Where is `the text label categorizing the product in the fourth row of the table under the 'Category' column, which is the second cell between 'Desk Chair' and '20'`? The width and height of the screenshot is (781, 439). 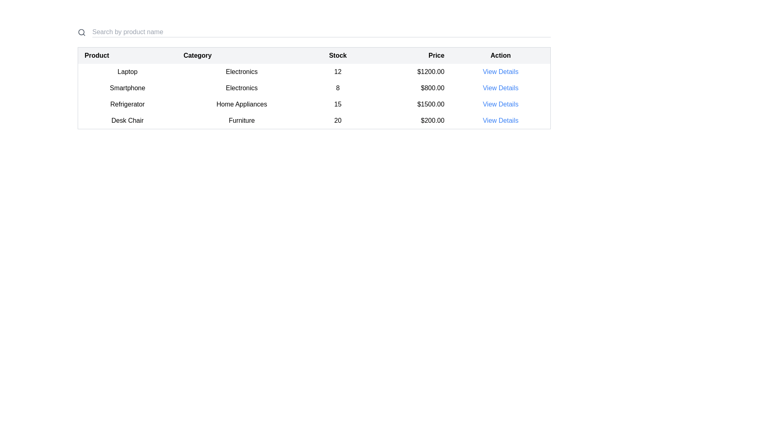
the text label categorizing the product in the fourth row of the table under the 'Category' column, which is the second cell between 'Desk Chair' and '20' is located at coordinates (241, 121).